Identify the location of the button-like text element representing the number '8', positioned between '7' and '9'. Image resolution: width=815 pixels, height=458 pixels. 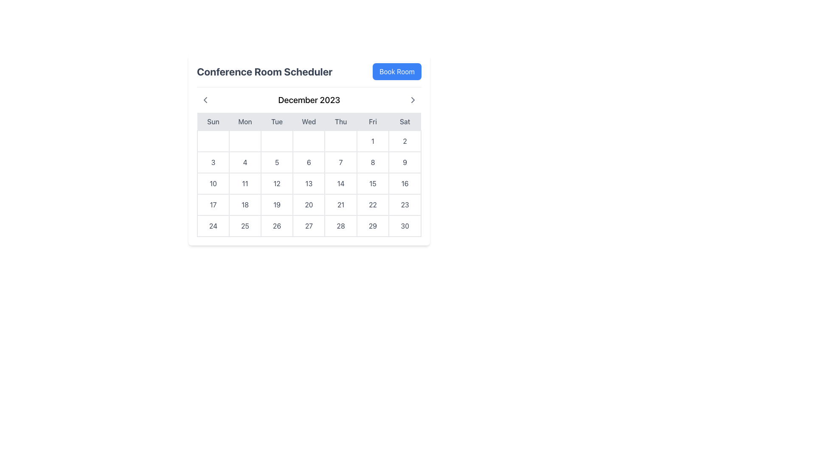
(373, 162).